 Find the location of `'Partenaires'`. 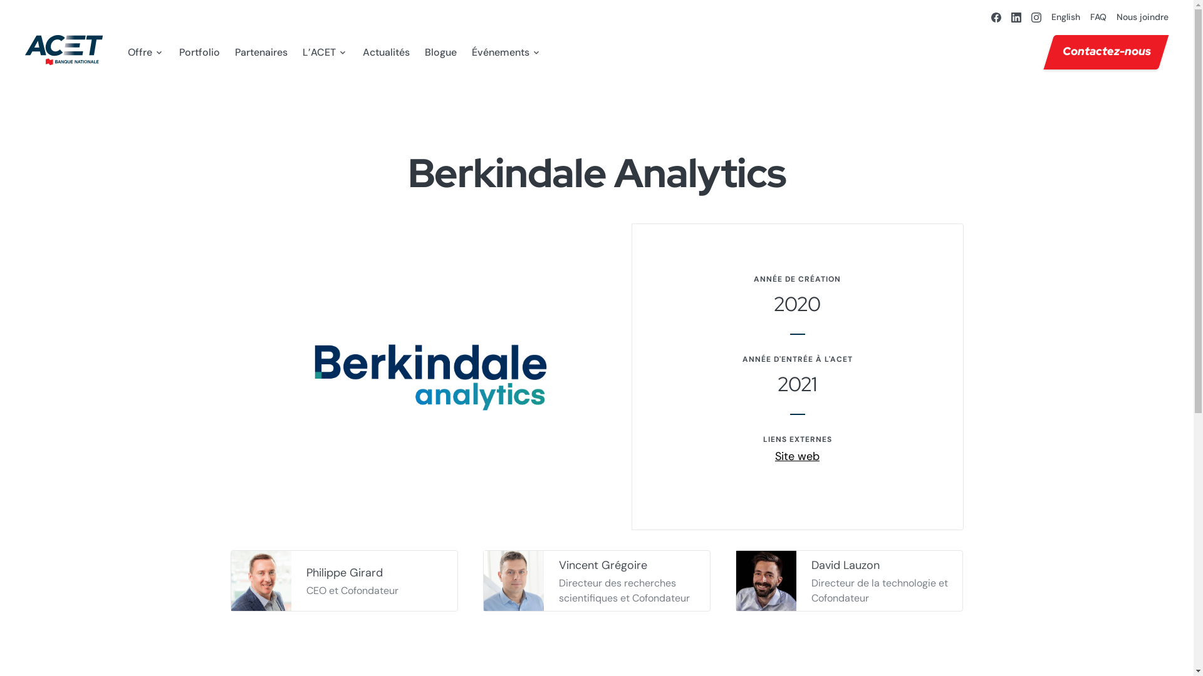

'Partenaires' is located at coordinates (261, 51).